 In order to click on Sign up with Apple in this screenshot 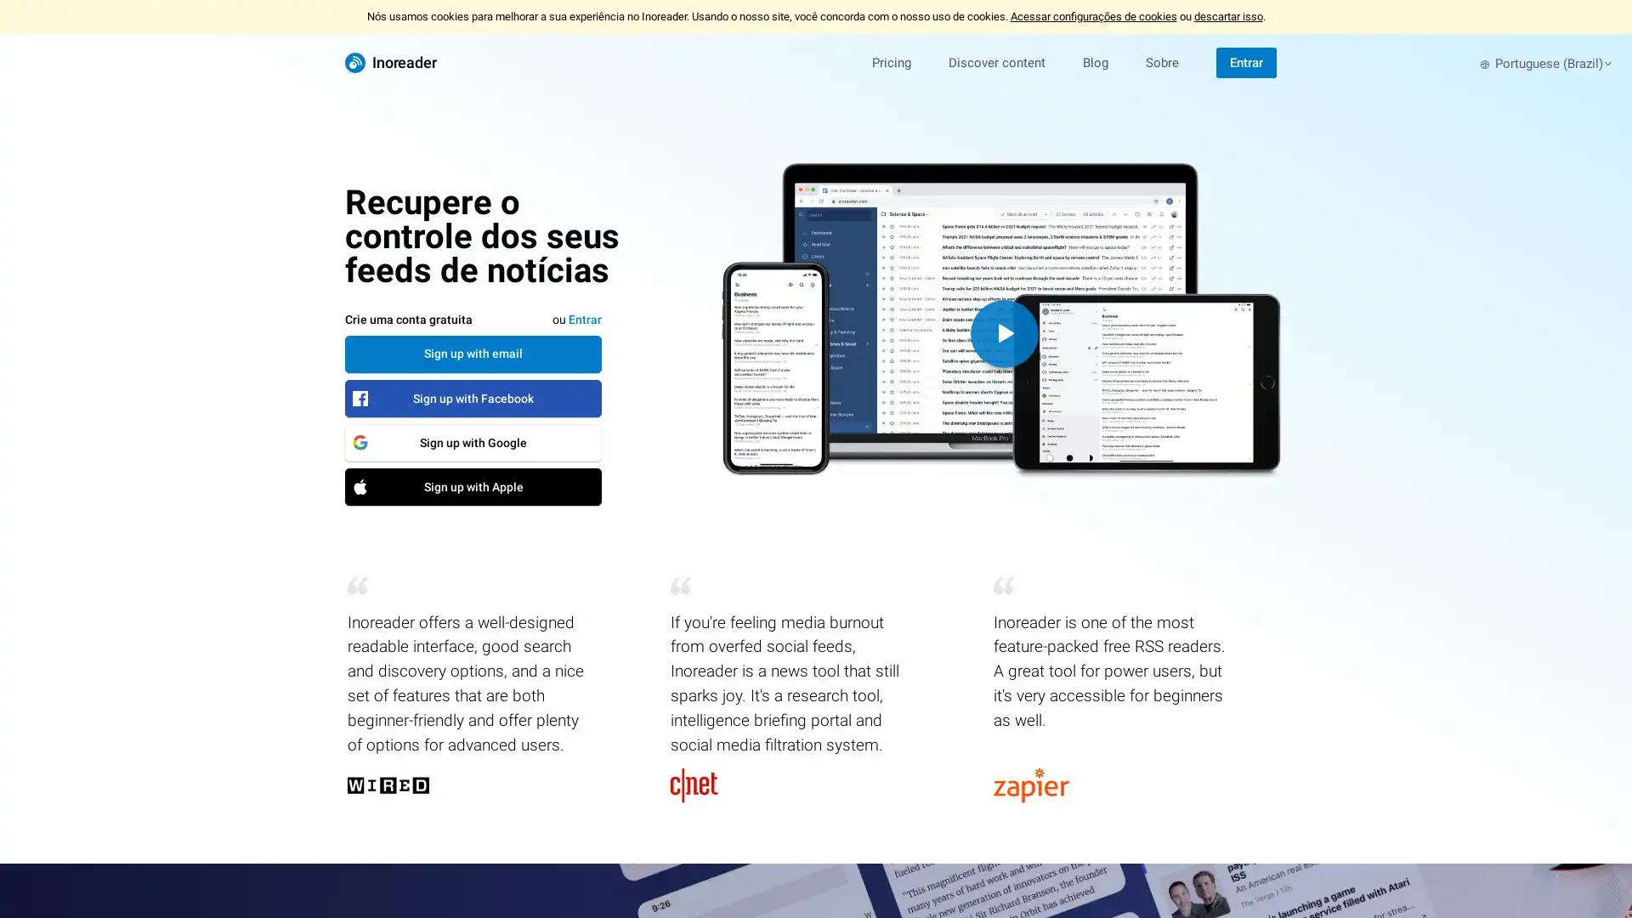, I will do `click(473, 485)`.